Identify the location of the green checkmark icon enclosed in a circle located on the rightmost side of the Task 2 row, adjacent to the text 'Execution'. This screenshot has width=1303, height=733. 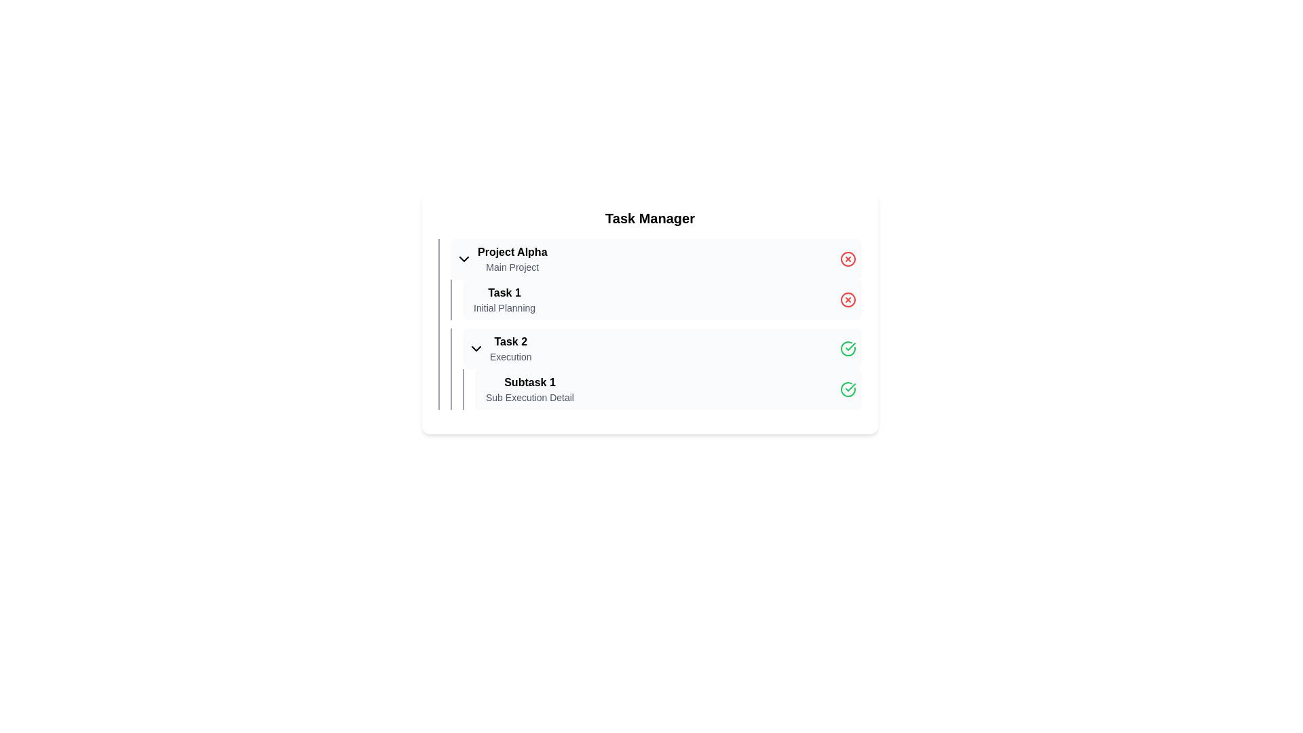
(847, 347).